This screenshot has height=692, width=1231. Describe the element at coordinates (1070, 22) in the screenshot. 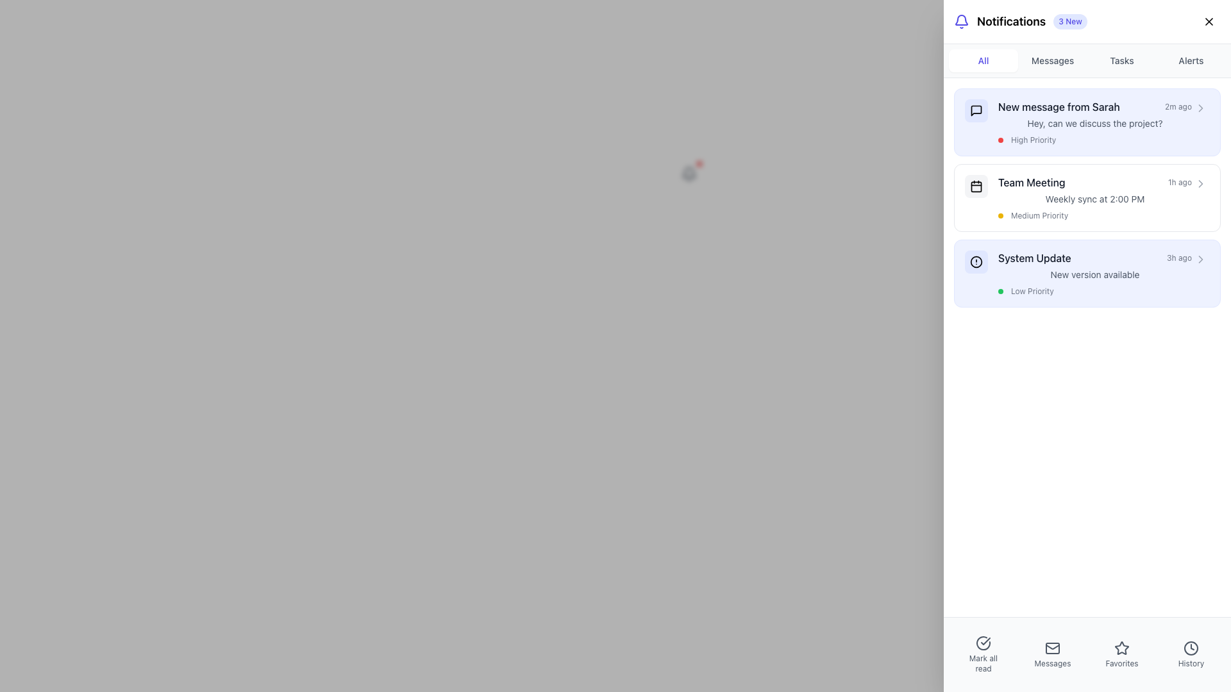

I see `the Badge displaying '3 New' with a light indigo background located in the top-right corner of the notification header bar, next to the 'Notifications' label` at that location.